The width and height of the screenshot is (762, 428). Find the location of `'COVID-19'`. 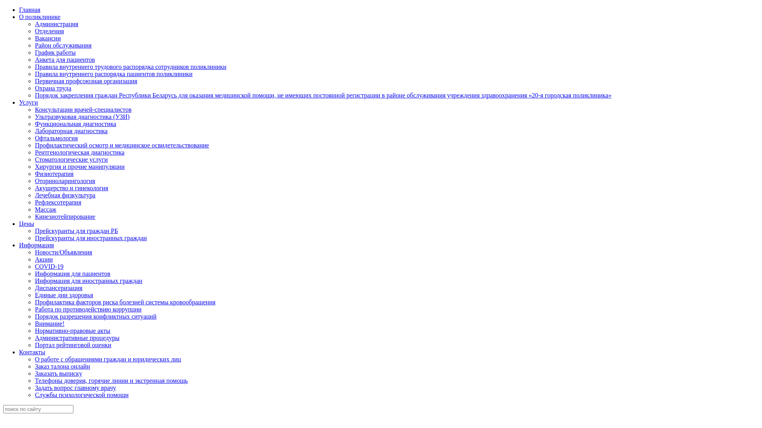

'COVID-19' is located at coordinates (49, 266).